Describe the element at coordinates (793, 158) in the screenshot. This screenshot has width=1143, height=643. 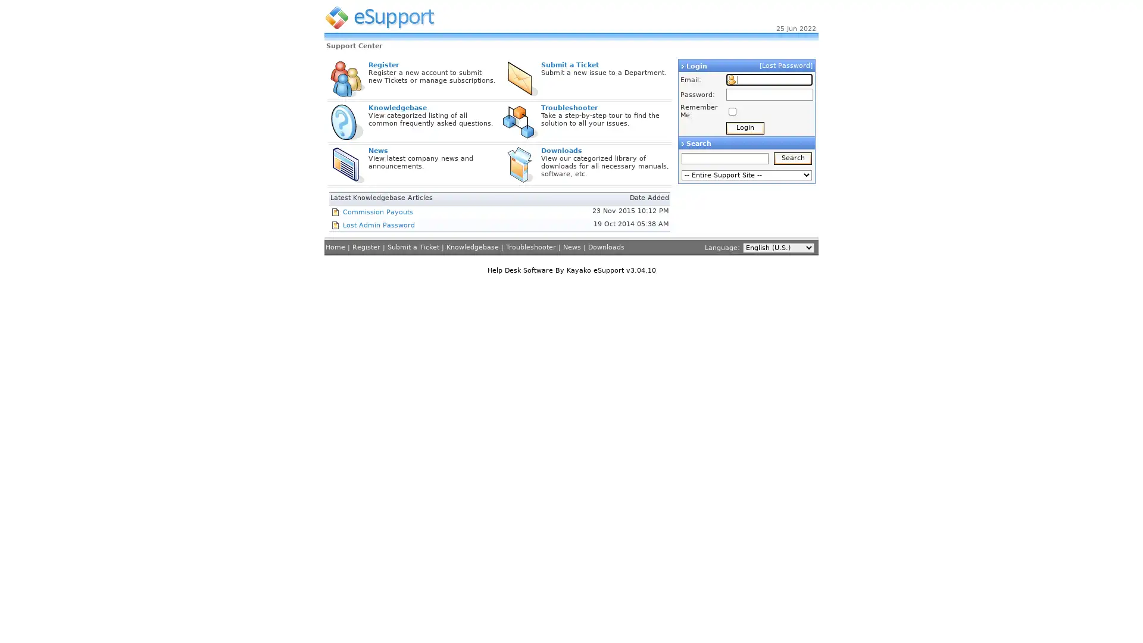
I see `Search` at that location.